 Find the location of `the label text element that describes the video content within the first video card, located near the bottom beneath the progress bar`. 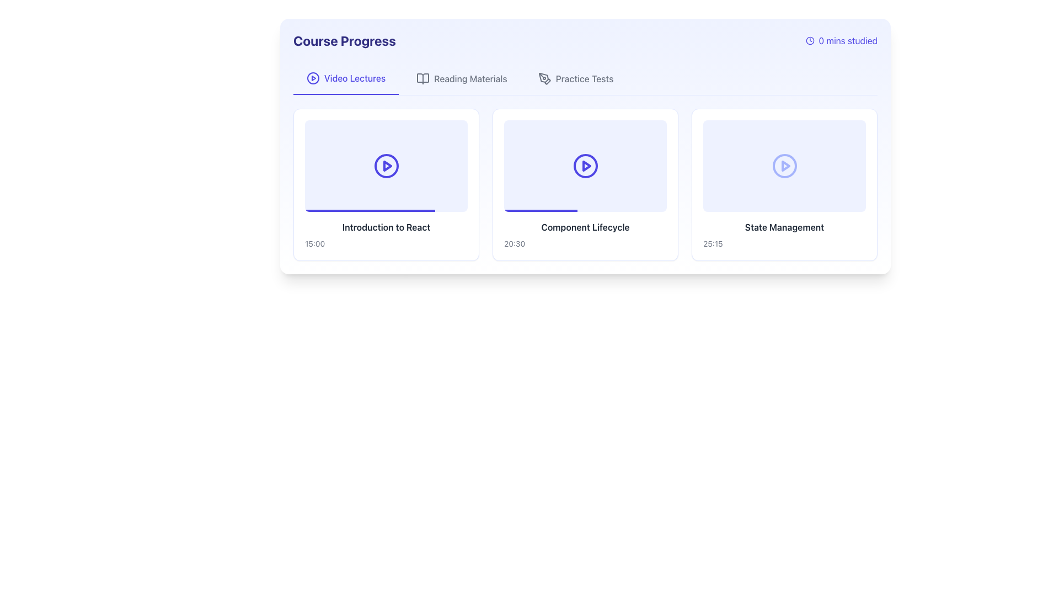

the label text element that describes the video content within the first video card, located near the bottom beneath the progress bar is located at coordinates (386, 226).